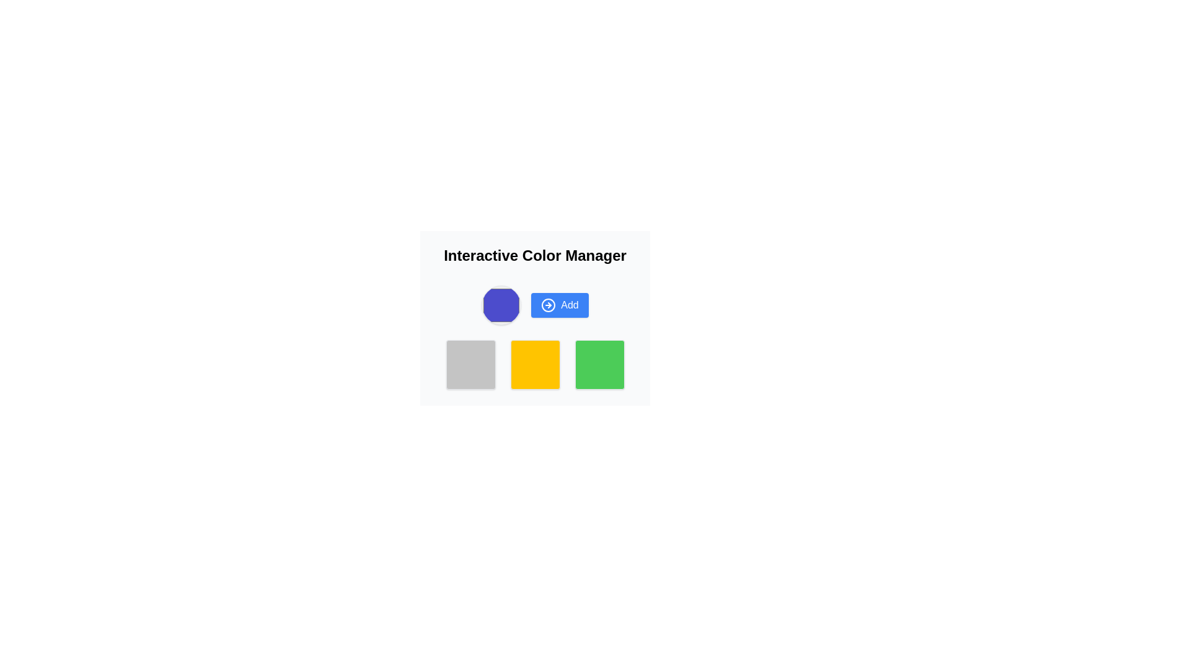  Describe the element at coordinates (548, 305) in the screenshot. I see `the circular icon with a right-pointing arrow inside the blue outlined button labeled 'Add' to highlight or activate the adjacent tooltip` at that location.